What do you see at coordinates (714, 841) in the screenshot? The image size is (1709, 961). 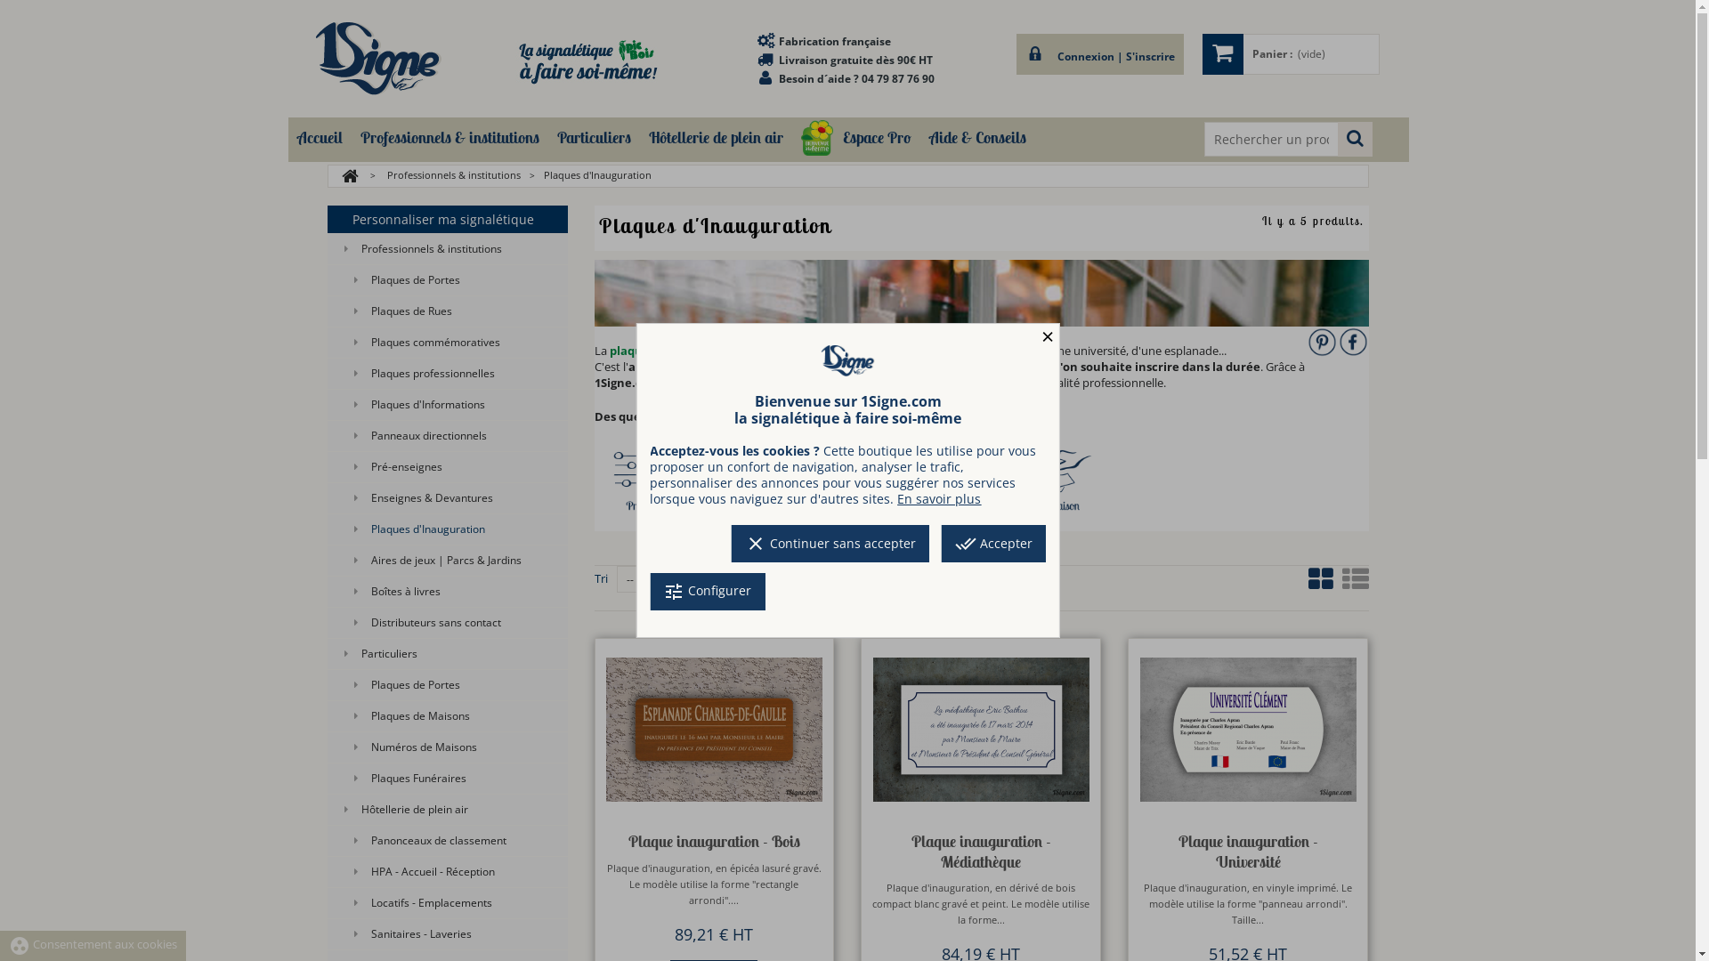 I see `'Plaque inauguration - Bois'` at bounding box center [714, 841].